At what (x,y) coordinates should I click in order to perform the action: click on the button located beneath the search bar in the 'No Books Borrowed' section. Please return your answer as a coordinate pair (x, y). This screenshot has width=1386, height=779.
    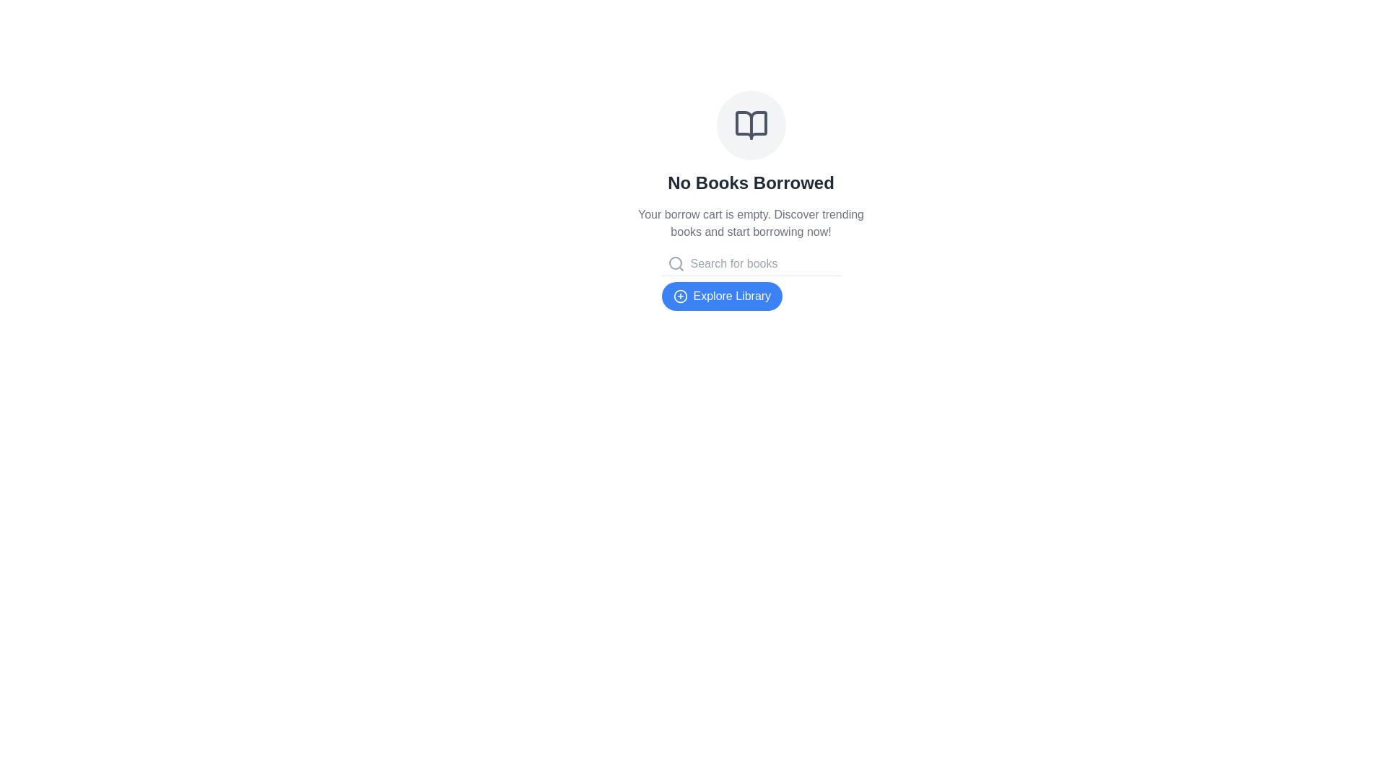
    Looking at the image, I should click on (722, 296).